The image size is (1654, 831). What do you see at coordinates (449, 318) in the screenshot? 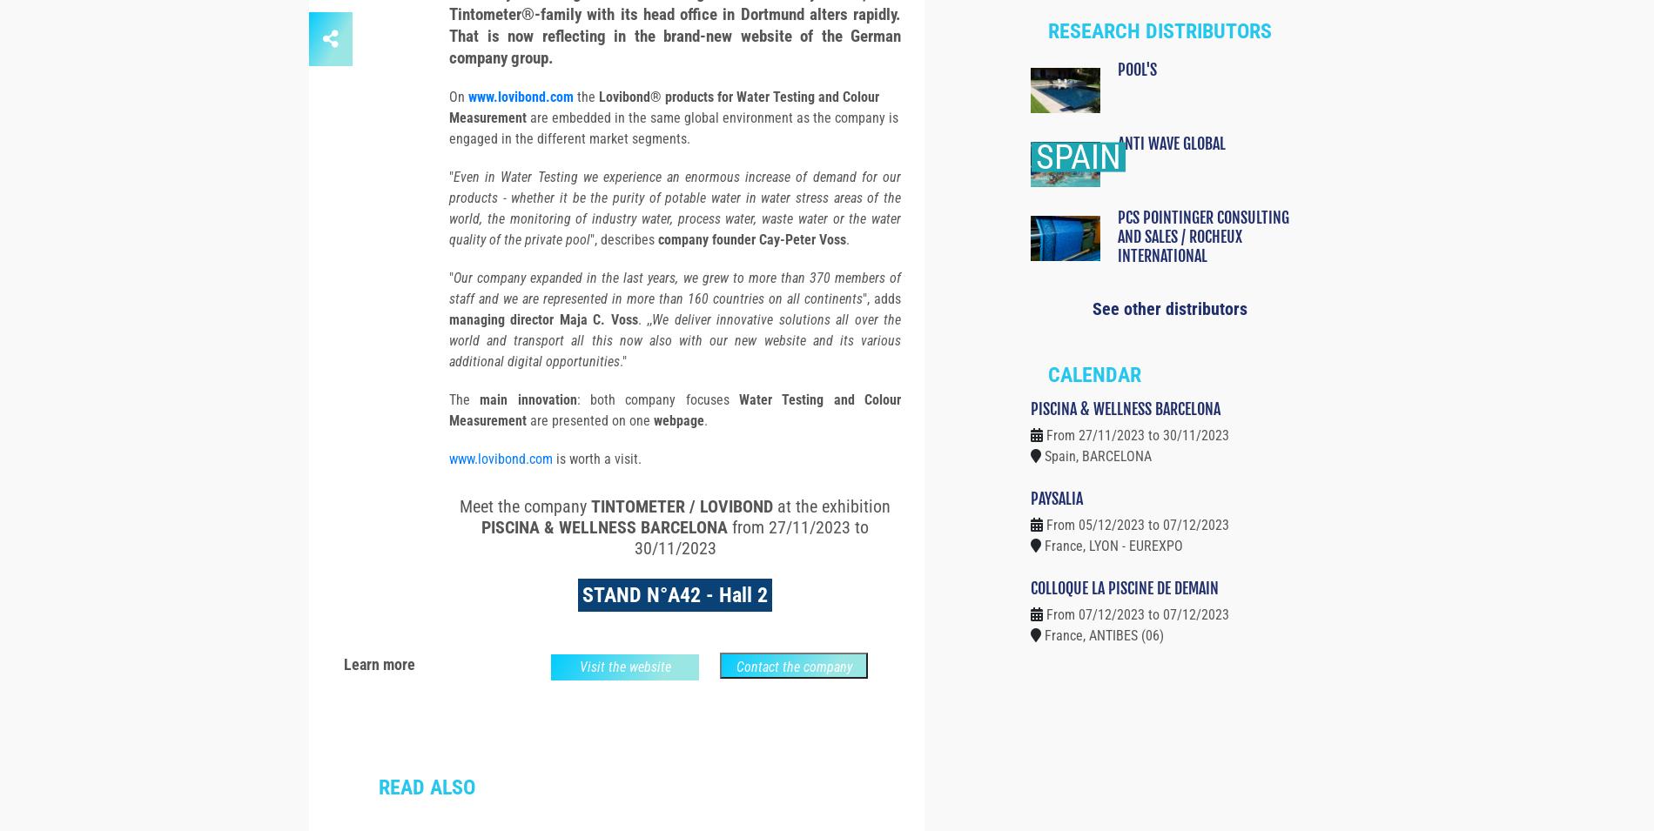
I see `'Our company expanded in the last years, we grew to more than 370 members of staff and we are represented in more than 160 countries on all continents'` at bounding box center [449, 318].